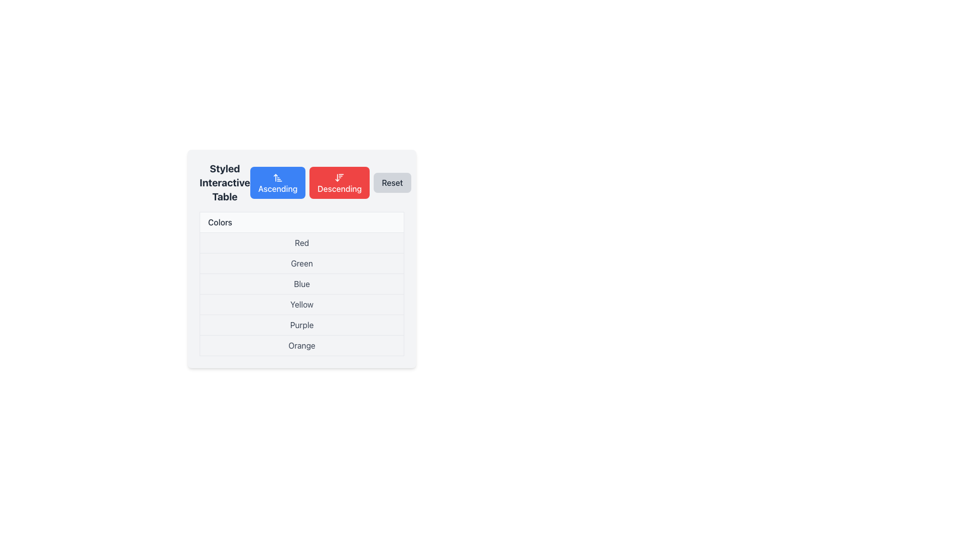 This screenshot has width=963, height=541. I want to click on the red 'Descending' button with white text and downwards arrow icon, so click(340, 183).